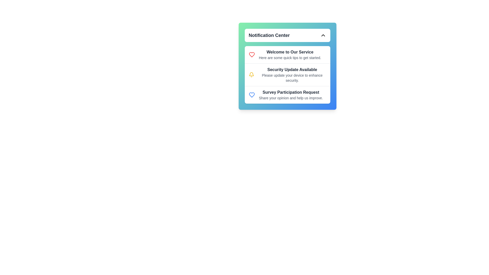 This screenshot has height=275, width=489. I want to click on the header section of the notification menu to toggle its visibility, so click(287, 35).